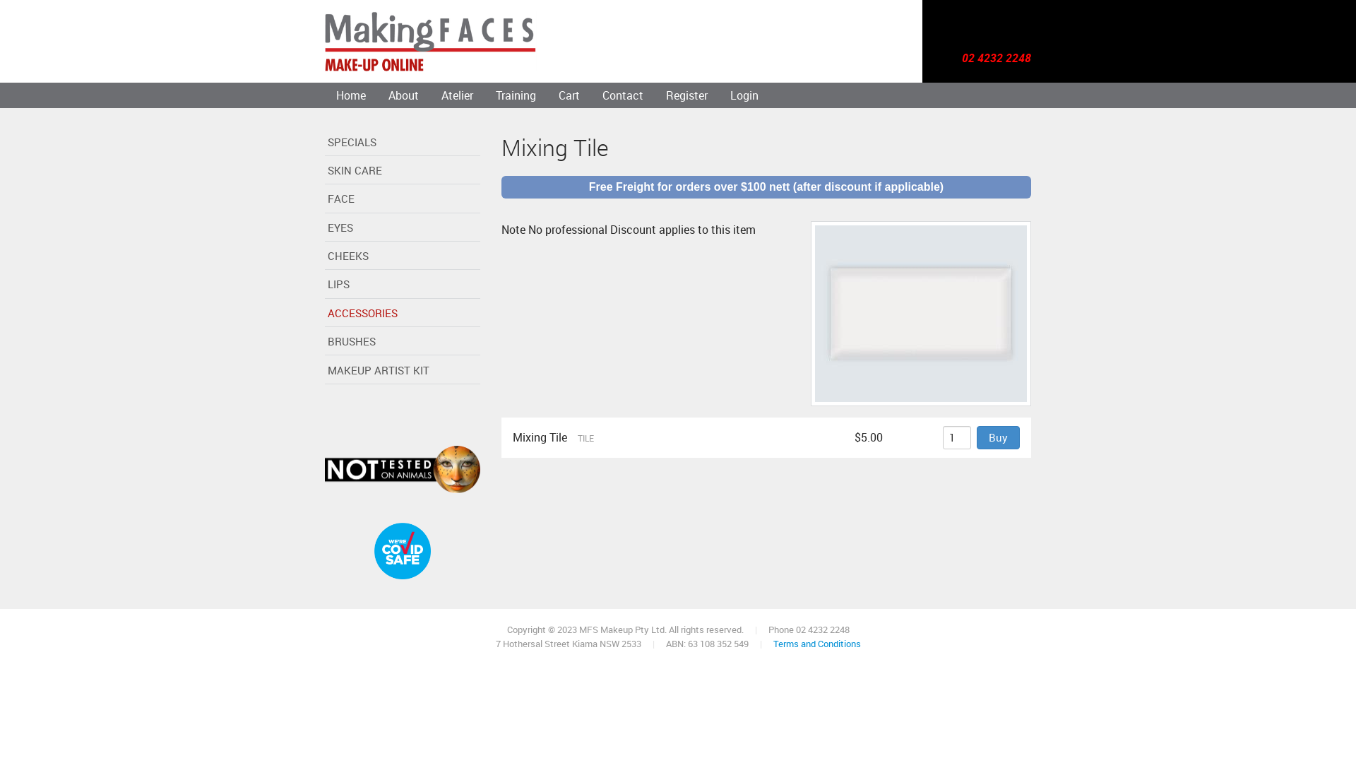  What do you see at coordinates (402, 201) in the screenshot?
I see `'FACE'` at bounding box center [402, 201].